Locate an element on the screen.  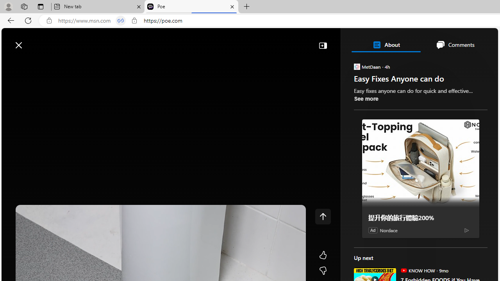
'Collapse' is located at coordinates (323, 45).